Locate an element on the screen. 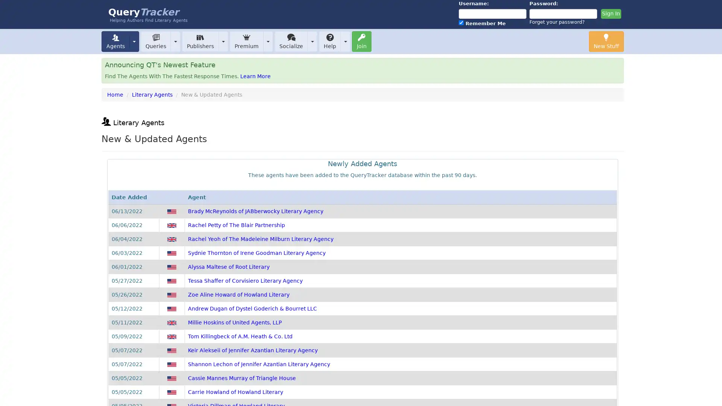 The height and width of the screenshot is (406, 722). Toggle Dropdown is located at coordinates (345, 41).